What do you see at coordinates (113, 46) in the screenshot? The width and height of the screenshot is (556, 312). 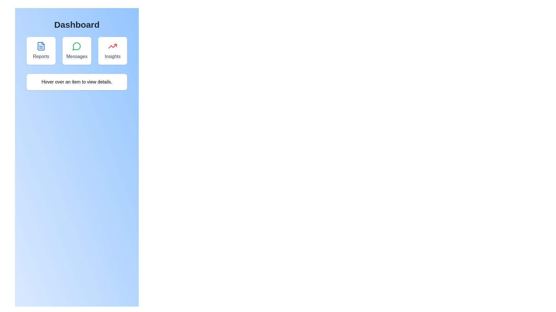 I see `the 'Insights' icon graphic that represents data trends or analytics, located as the third icon in the row of three icons at the top of the sidebar` at bounding box center [113, 46].